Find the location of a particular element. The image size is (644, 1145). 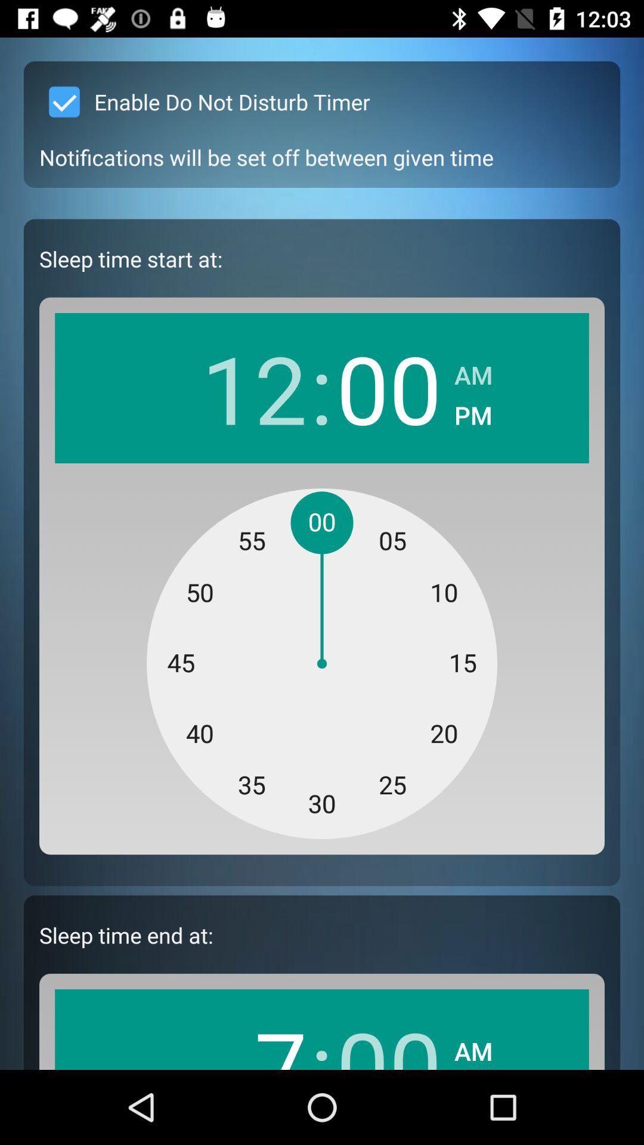

enable do not icon is located at coordinates (204, 102).